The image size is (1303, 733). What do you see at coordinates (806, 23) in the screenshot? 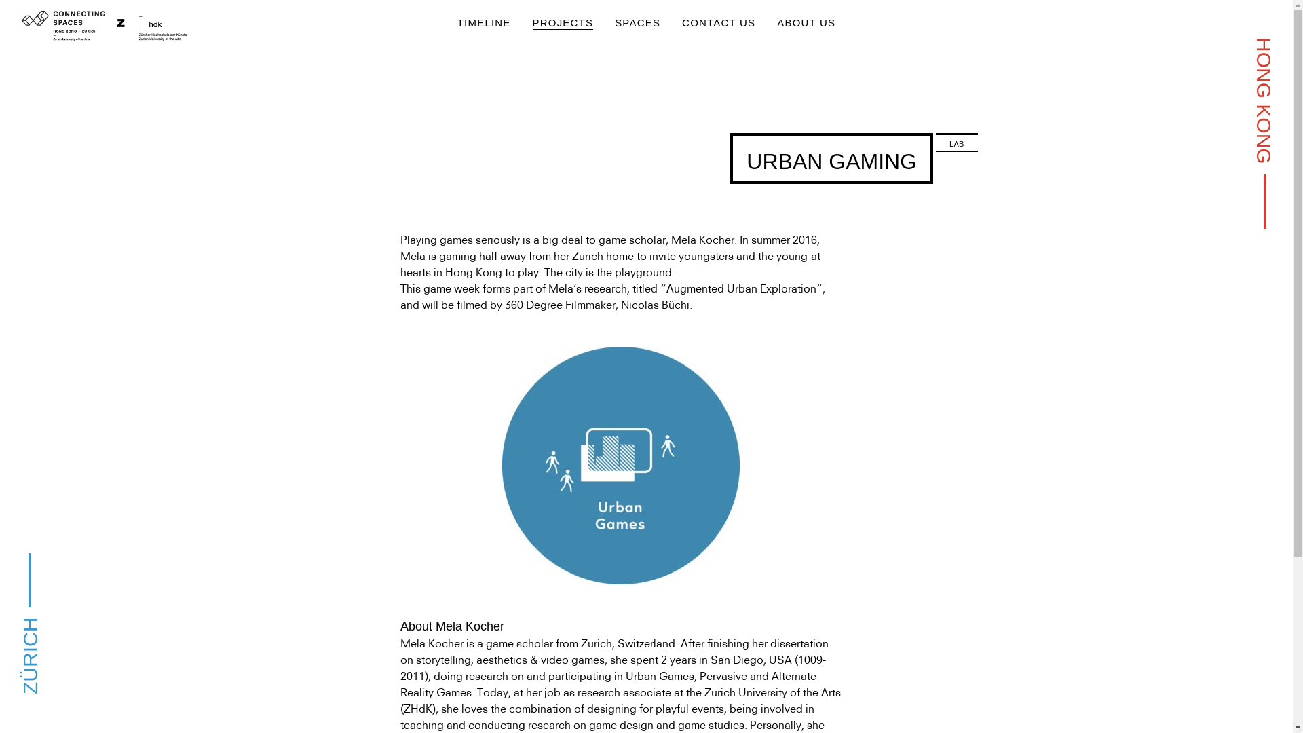
I see `'ABOUT US'` at bounding box center [806, 23].